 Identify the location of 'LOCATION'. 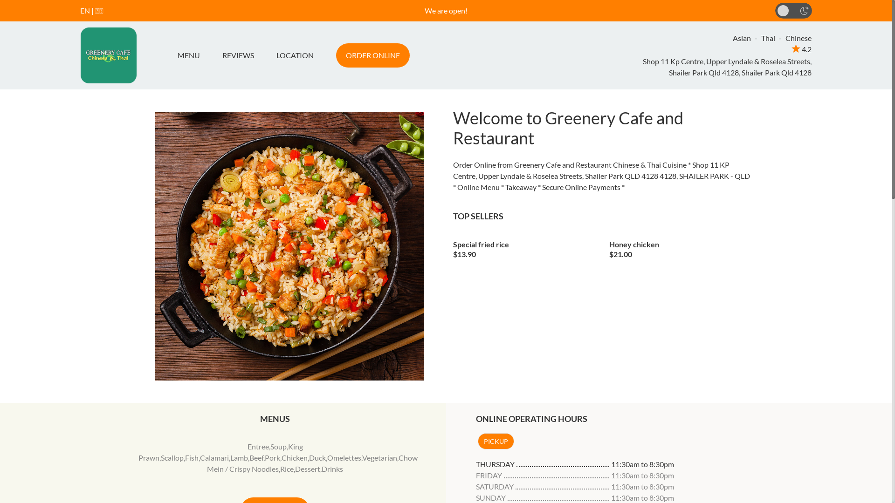
(264, 55).